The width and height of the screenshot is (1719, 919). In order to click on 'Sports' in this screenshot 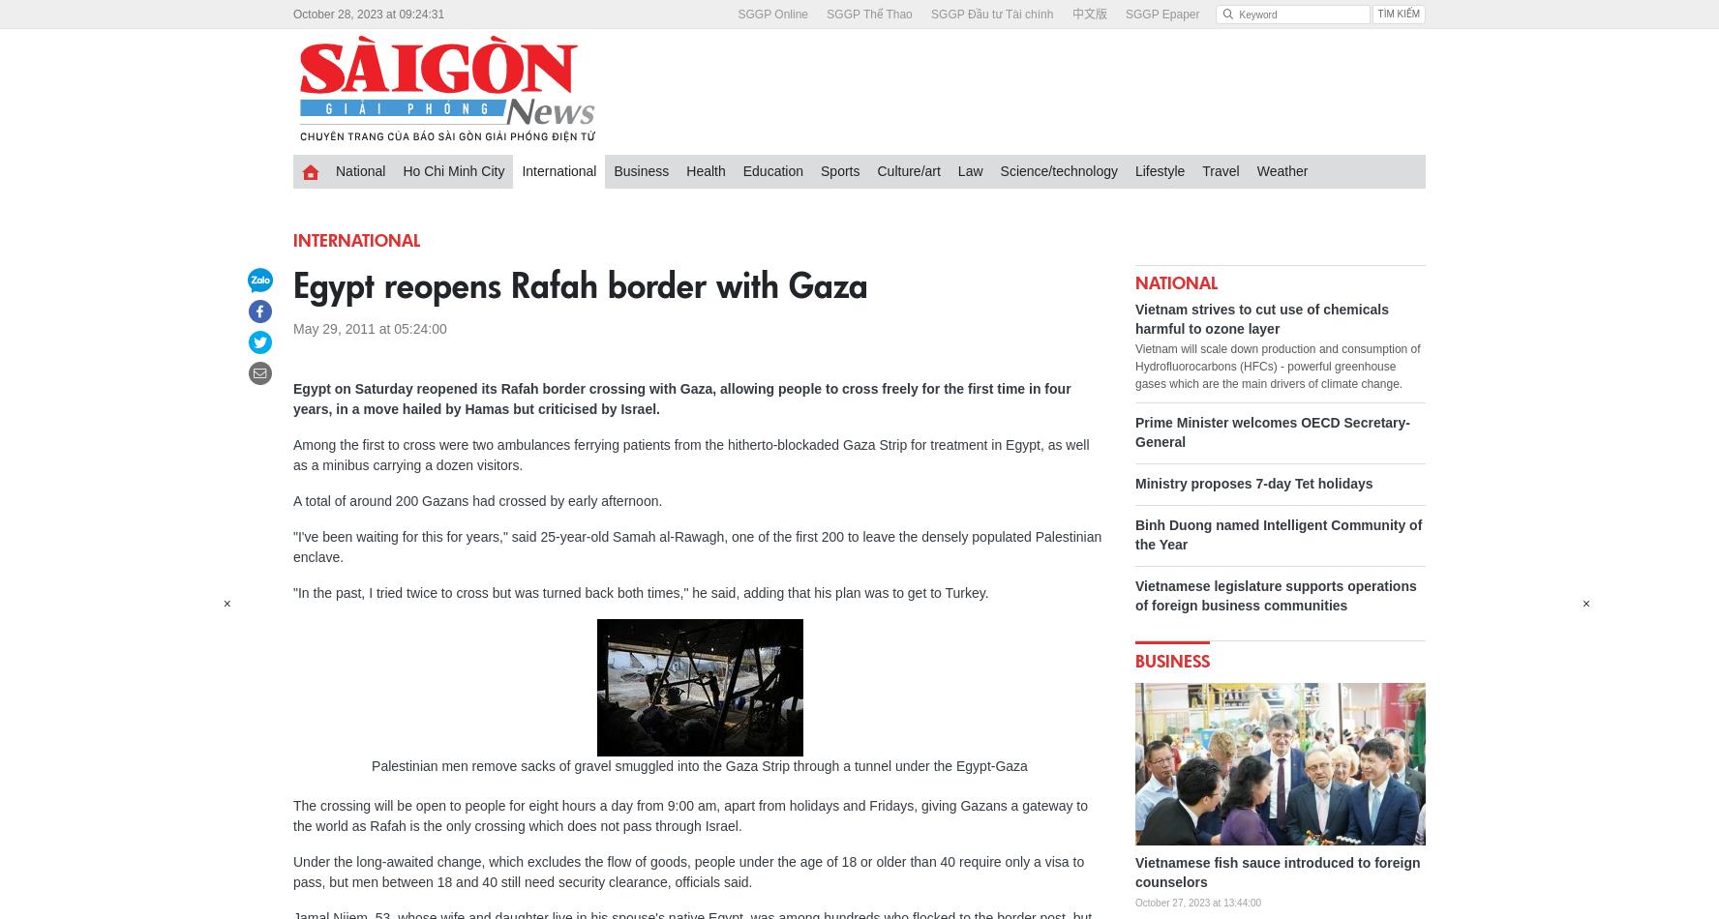, I will do `click(839, 170)`.